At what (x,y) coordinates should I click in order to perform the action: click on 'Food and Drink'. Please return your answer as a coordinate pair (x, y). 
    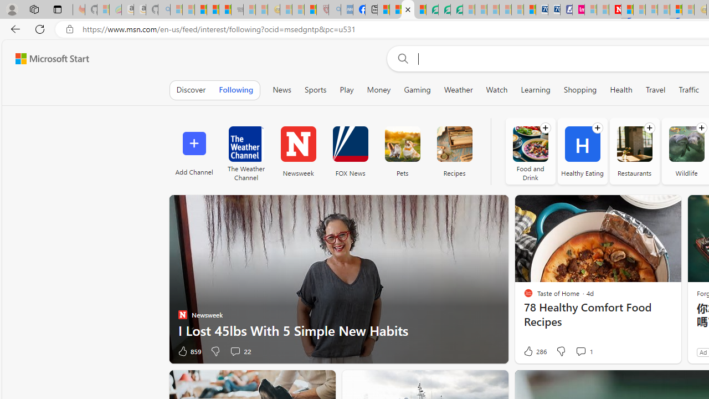
    Looking at the image, I should click on (530, 144).